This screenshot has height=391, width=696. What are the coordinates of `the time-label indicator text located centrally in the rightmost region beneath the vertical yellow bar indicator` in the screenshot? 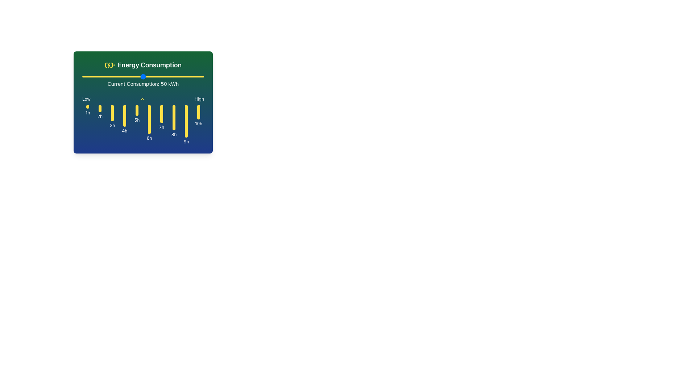 It's located at (198, 123).